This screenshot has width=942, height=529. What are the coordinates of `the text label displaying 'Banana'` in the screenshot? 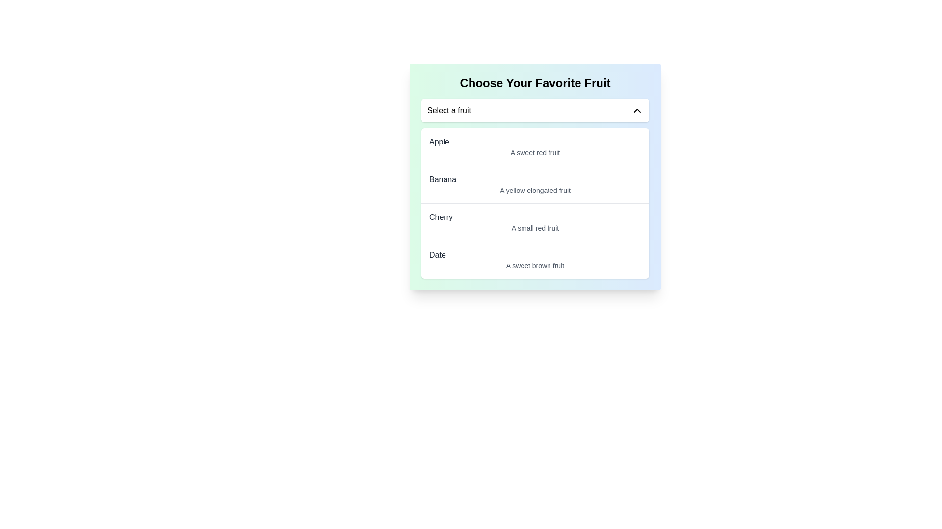 It's located at (442, 179).